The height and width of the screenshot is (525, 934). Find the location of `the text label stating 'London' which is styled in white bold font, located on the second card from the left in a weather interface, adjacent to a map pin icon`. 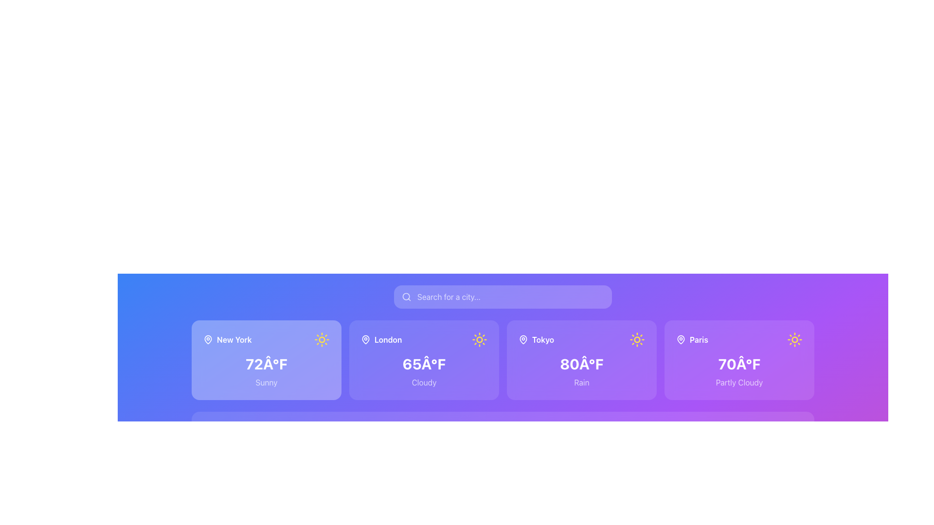

the text label stating 'London' which is styled in white bold font, located on the second card from the left in a weather interface, adjacent to a map pin icon is located at coordinates (381, 339).